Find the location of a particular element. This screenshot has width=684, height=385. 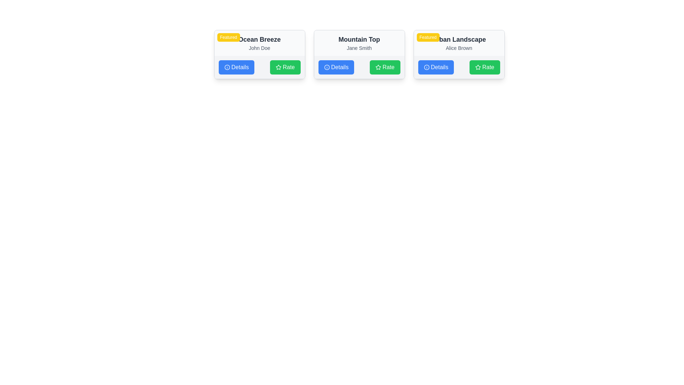

the Text Label displaying the name 'Alice Brown' located beneath the title 'Urban Landscape' in the rightmost card of a horizontal arrangement is located at coordinates (459, 48).